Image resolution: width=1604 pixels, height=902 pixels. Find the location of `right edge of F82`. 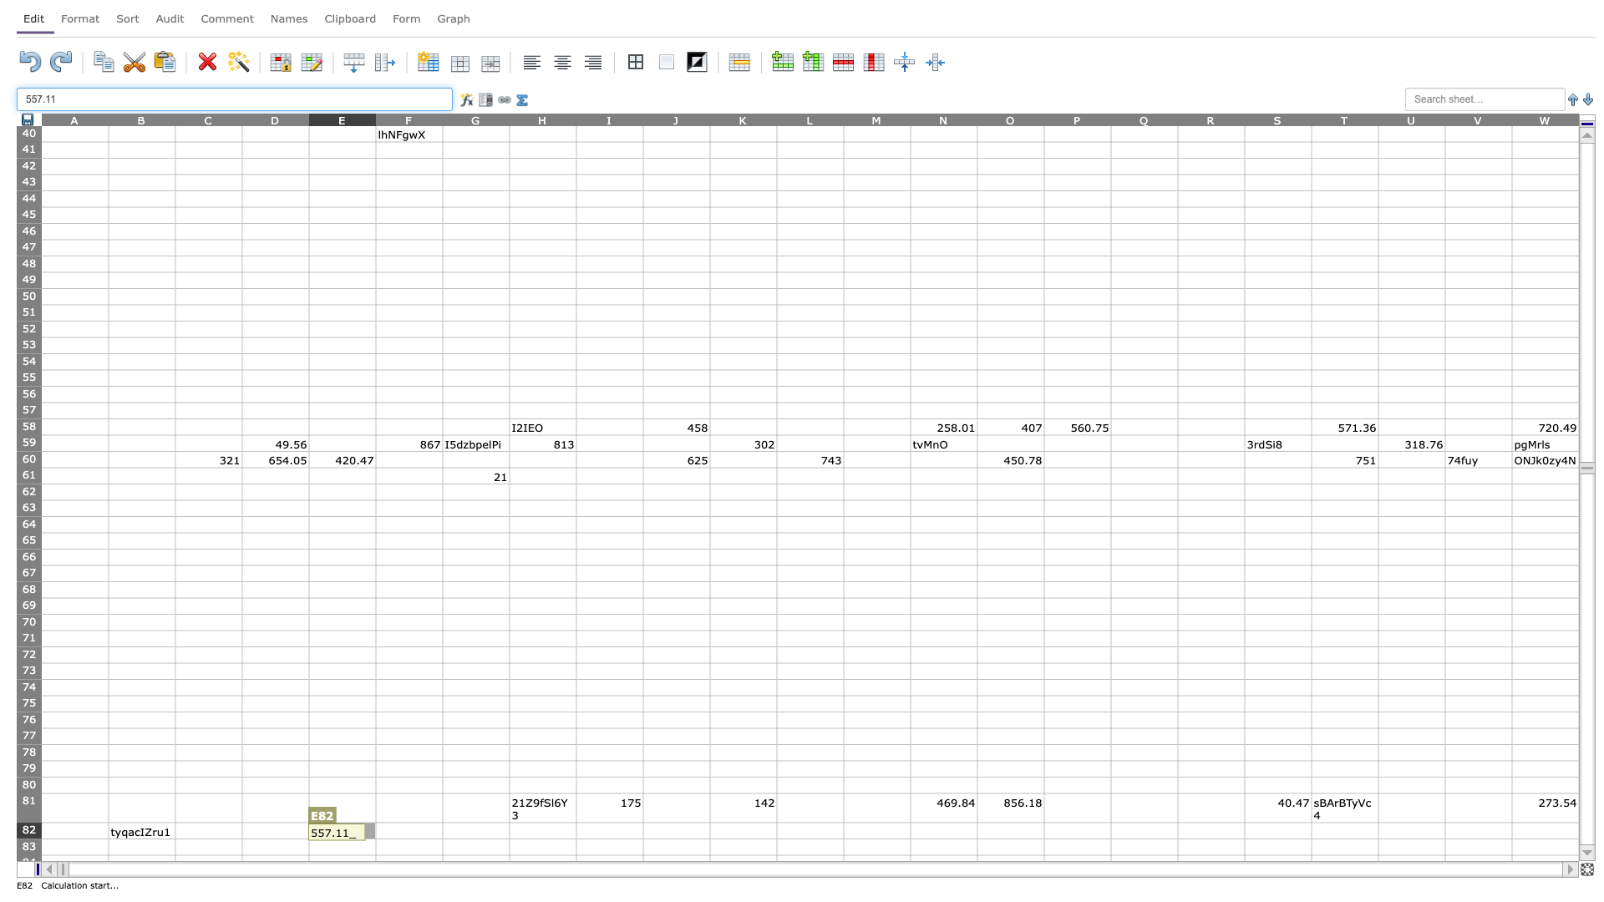

right edge of F82 is located at coordinates (442, 830).